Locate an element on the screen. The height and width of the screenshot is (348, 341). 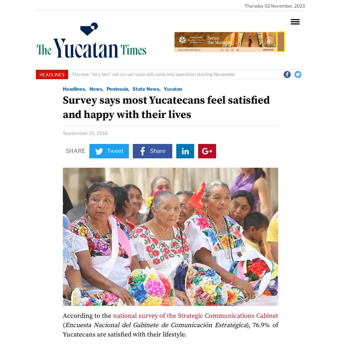
'national survey of the Strategic Communications Cabinet' is located at coordinates (112, 315).